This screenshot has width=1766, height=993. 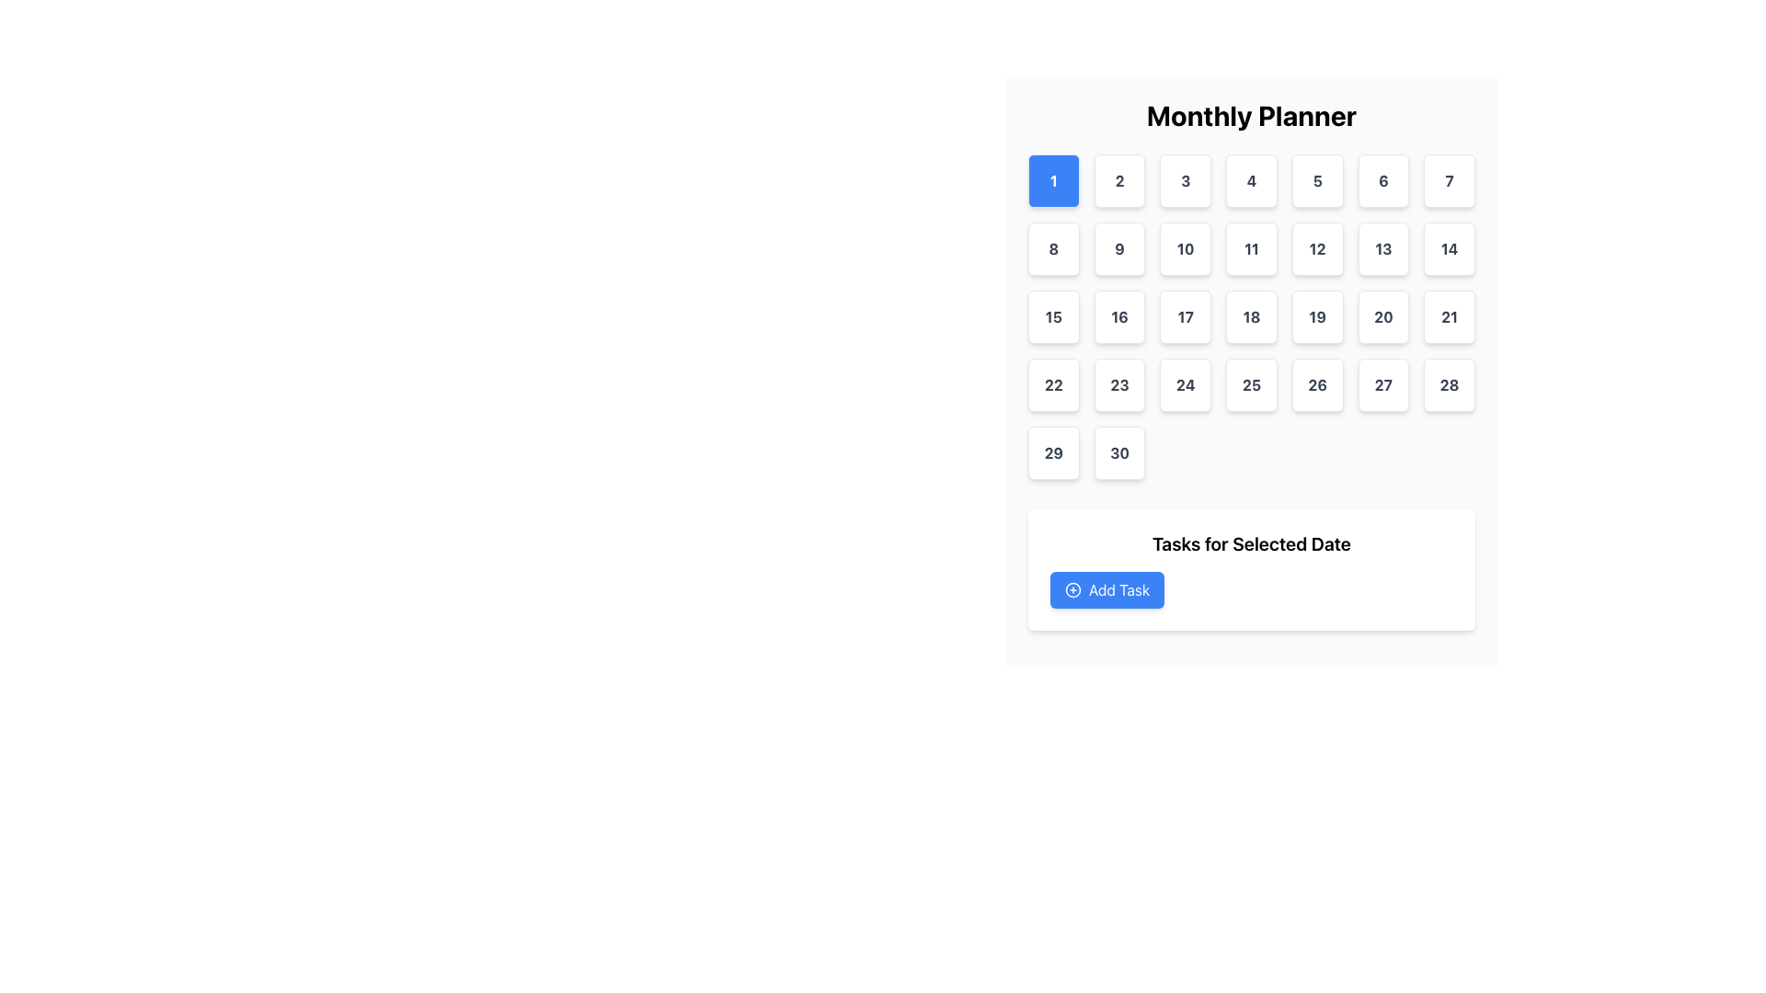 What do you see at coordinates (1053, 384) in the screenshot?
I see `the square button with rounded corners and dark gray text '22'` at bounding box center [1053, 384].